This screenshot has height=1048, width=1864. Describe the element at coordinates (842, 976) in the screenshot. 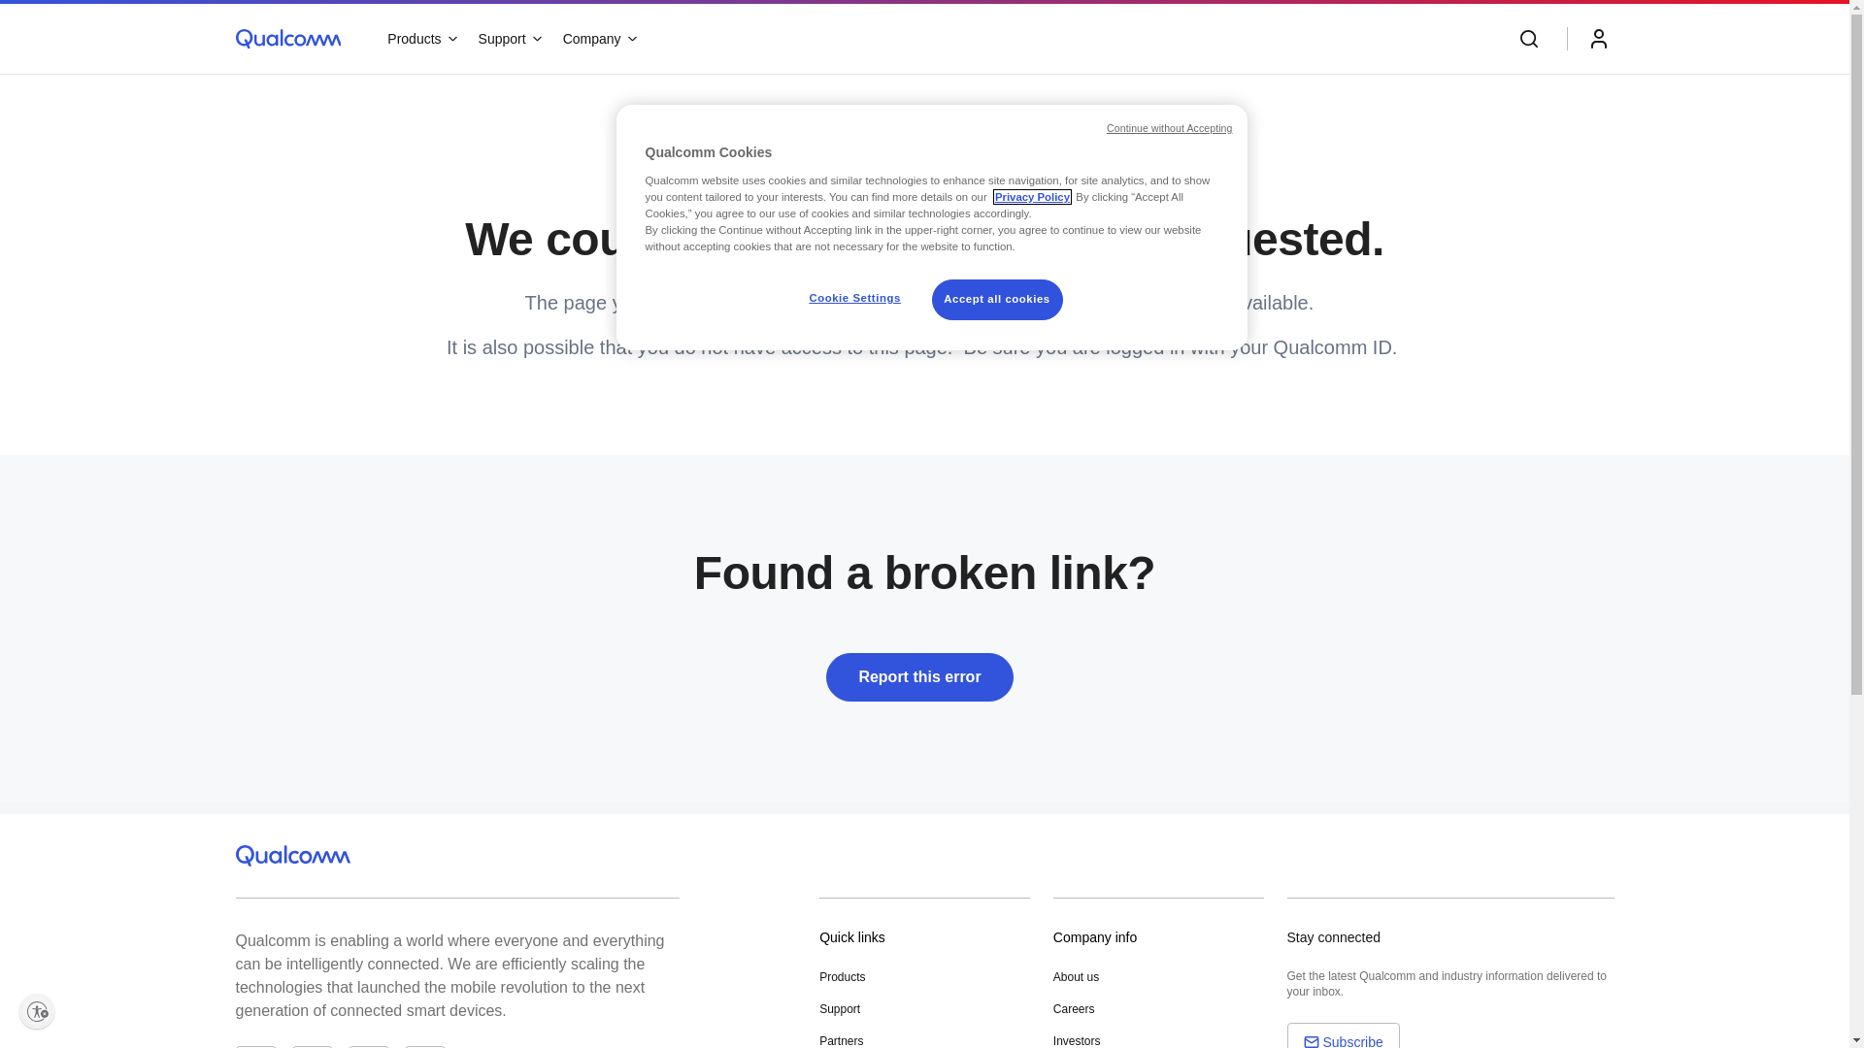

I see `'Products'` at that location.